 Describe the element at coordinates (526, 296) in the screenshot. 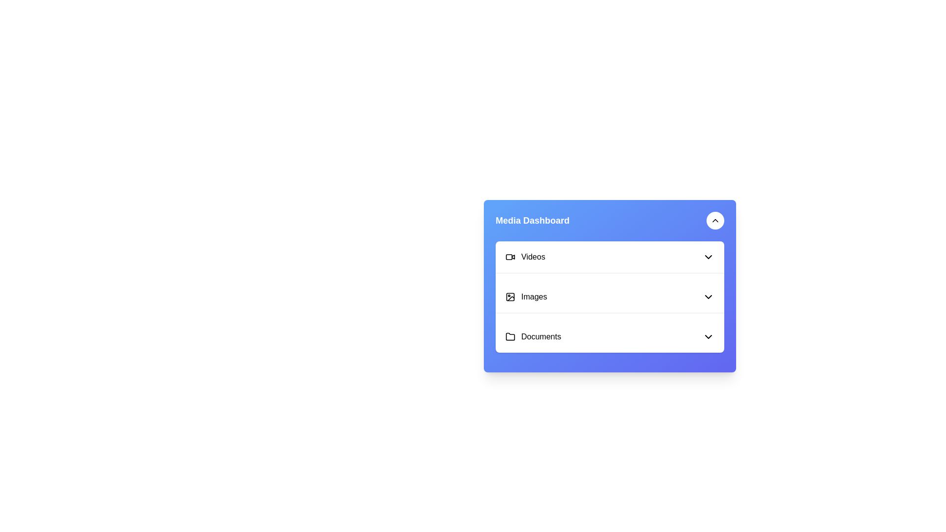

I see `the second interactive list item labeled 'Images' in the 'Media Dashboard'` at that location.